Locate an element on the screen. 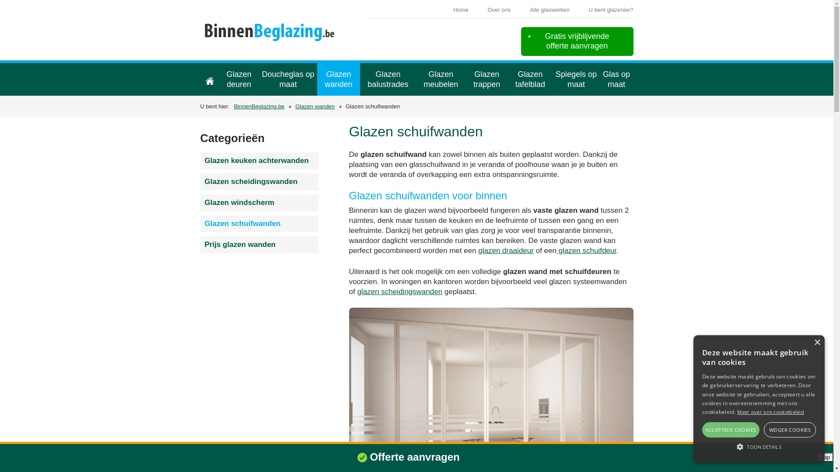  'Offerte aanvragen' is located at coordinates (414, 456).